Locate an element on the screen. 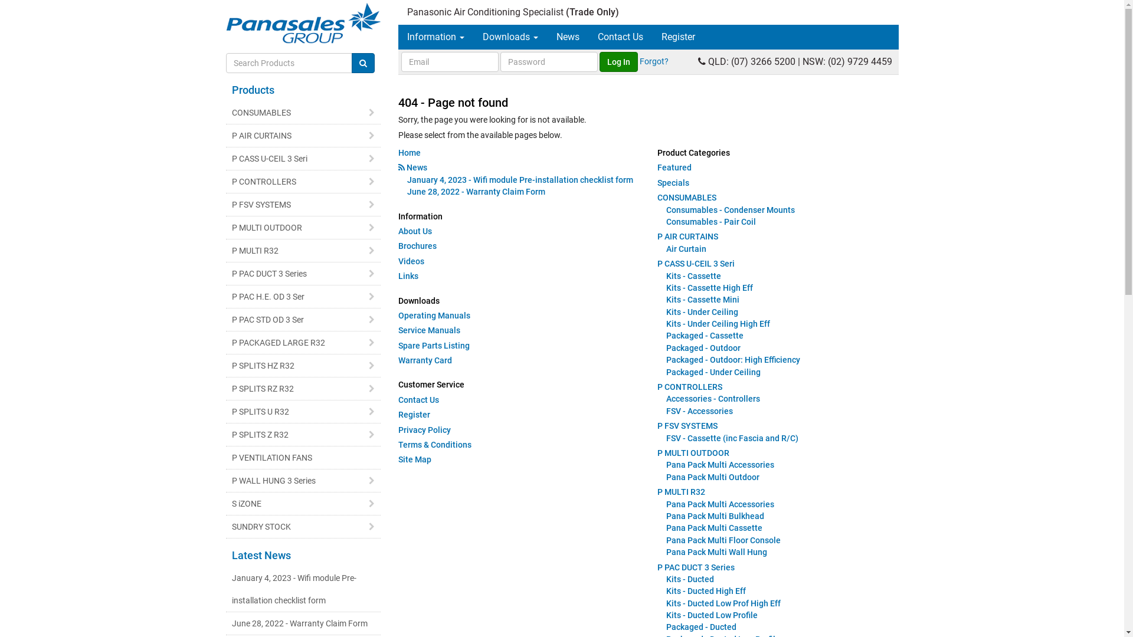 The height and width of the screenshot is (637, 1133). 'P CONTROLLERS' is located at coordinates (303, 182).